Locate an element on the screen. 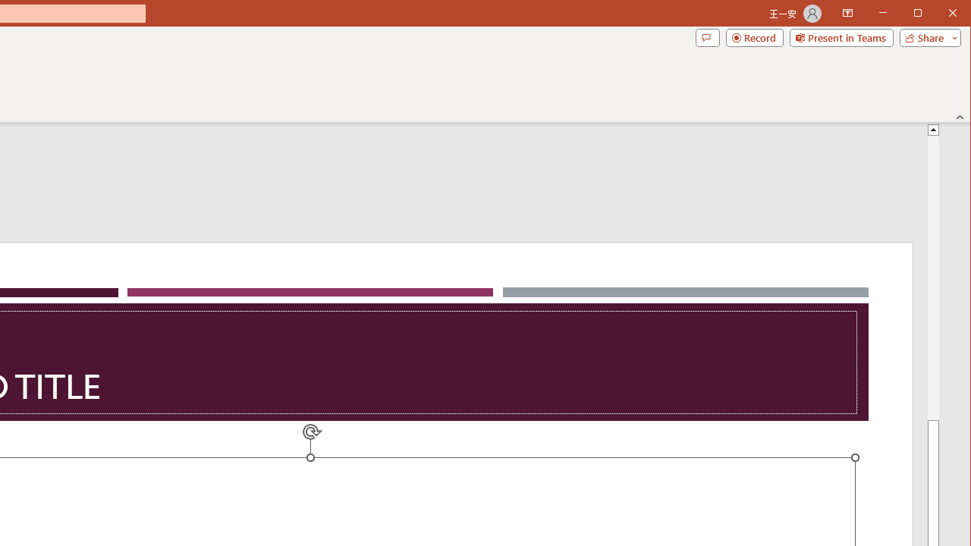 This screenshot has width=971, height=546. 'Record' is located at coordinates (755, 37).